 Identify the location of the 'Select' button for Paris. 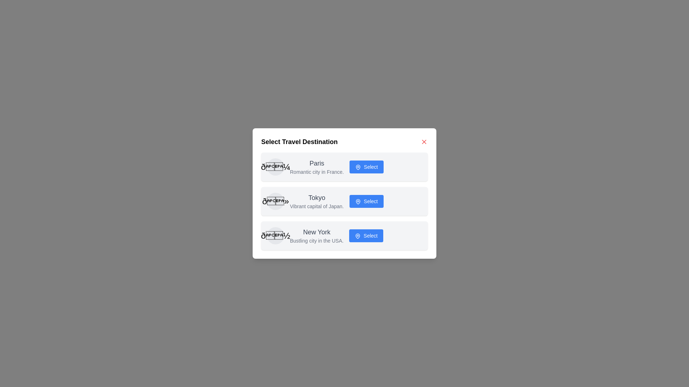
(366, 167).